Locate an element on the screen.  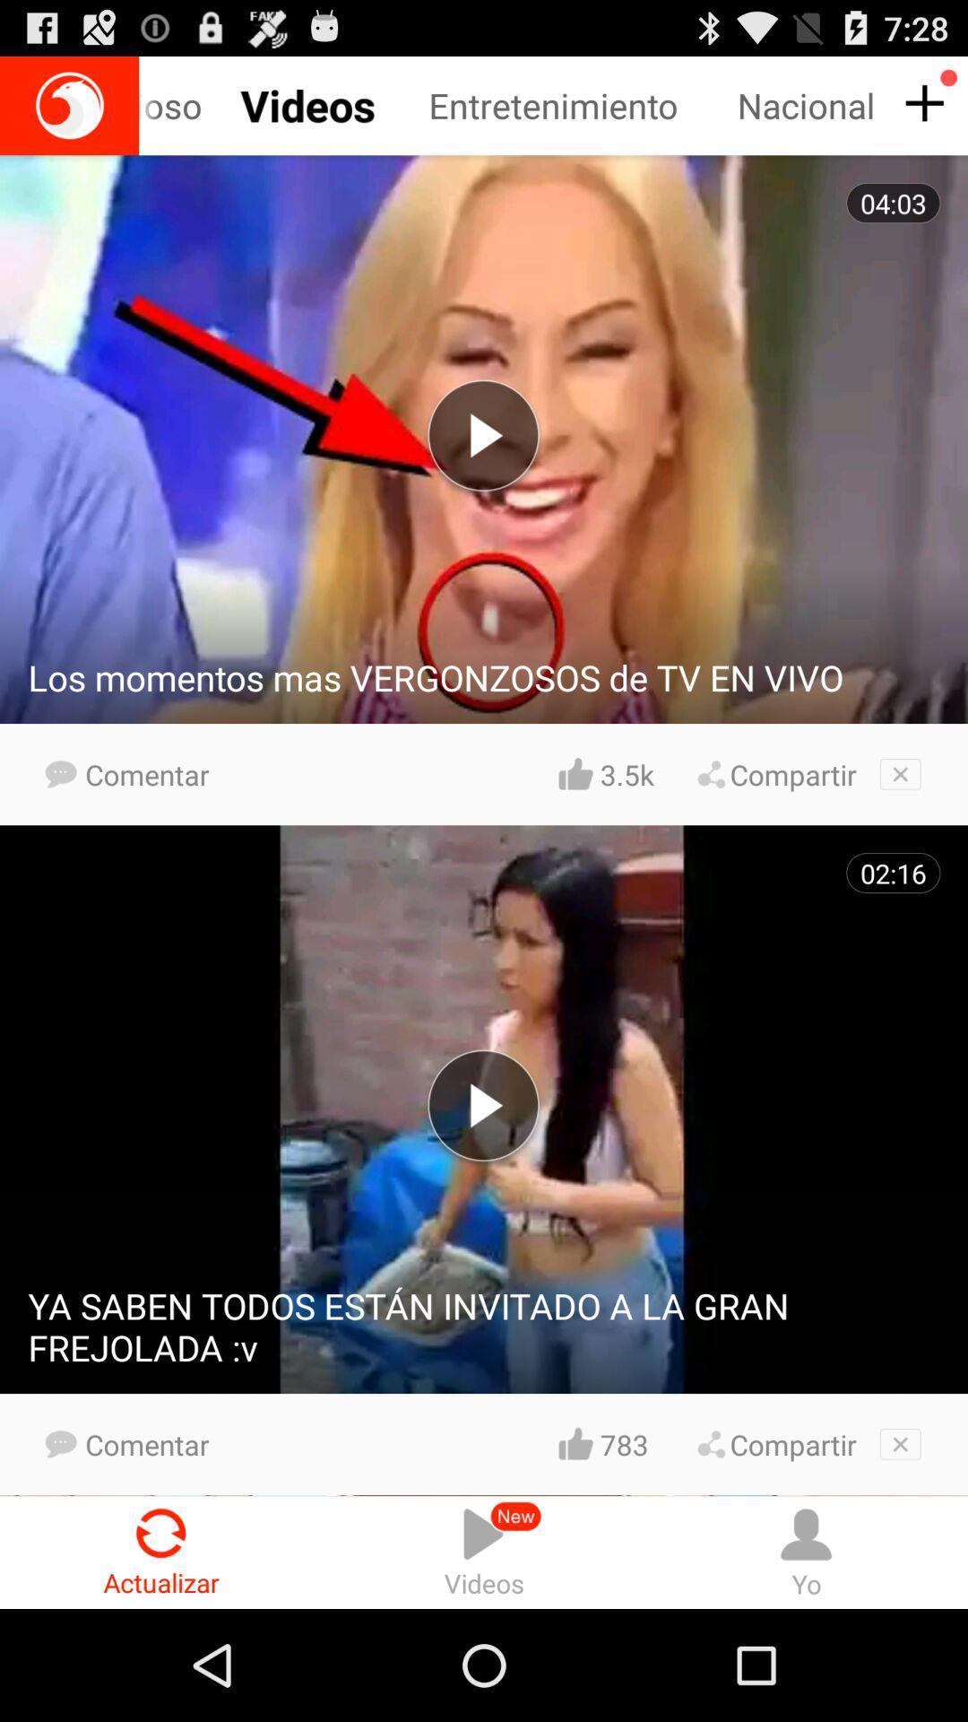
radio button next to the videos item is located at coordinates (161, 1552).